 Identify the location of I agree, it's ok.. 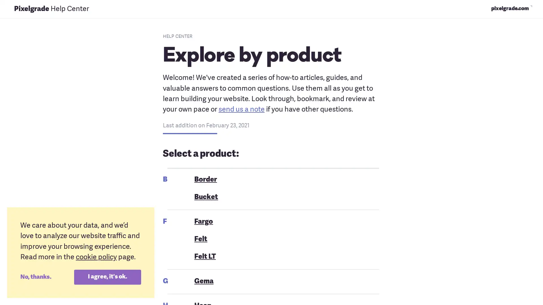
(107, 276).